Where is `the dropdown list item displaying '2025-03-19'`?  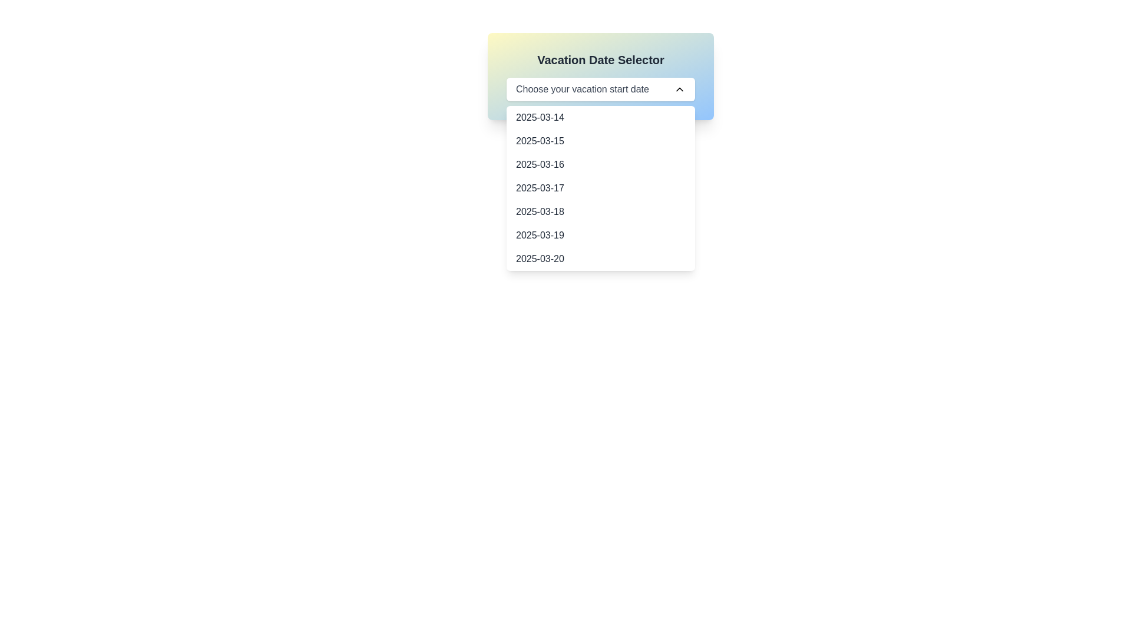 the dropdown list item displaying '2025-03-19' is located at coordinates (539, 236).